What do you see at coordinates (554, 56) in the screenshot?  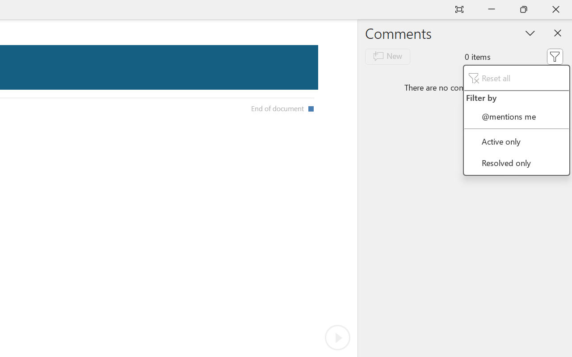 I see `'Filter'` at bounding box center [554, 56].